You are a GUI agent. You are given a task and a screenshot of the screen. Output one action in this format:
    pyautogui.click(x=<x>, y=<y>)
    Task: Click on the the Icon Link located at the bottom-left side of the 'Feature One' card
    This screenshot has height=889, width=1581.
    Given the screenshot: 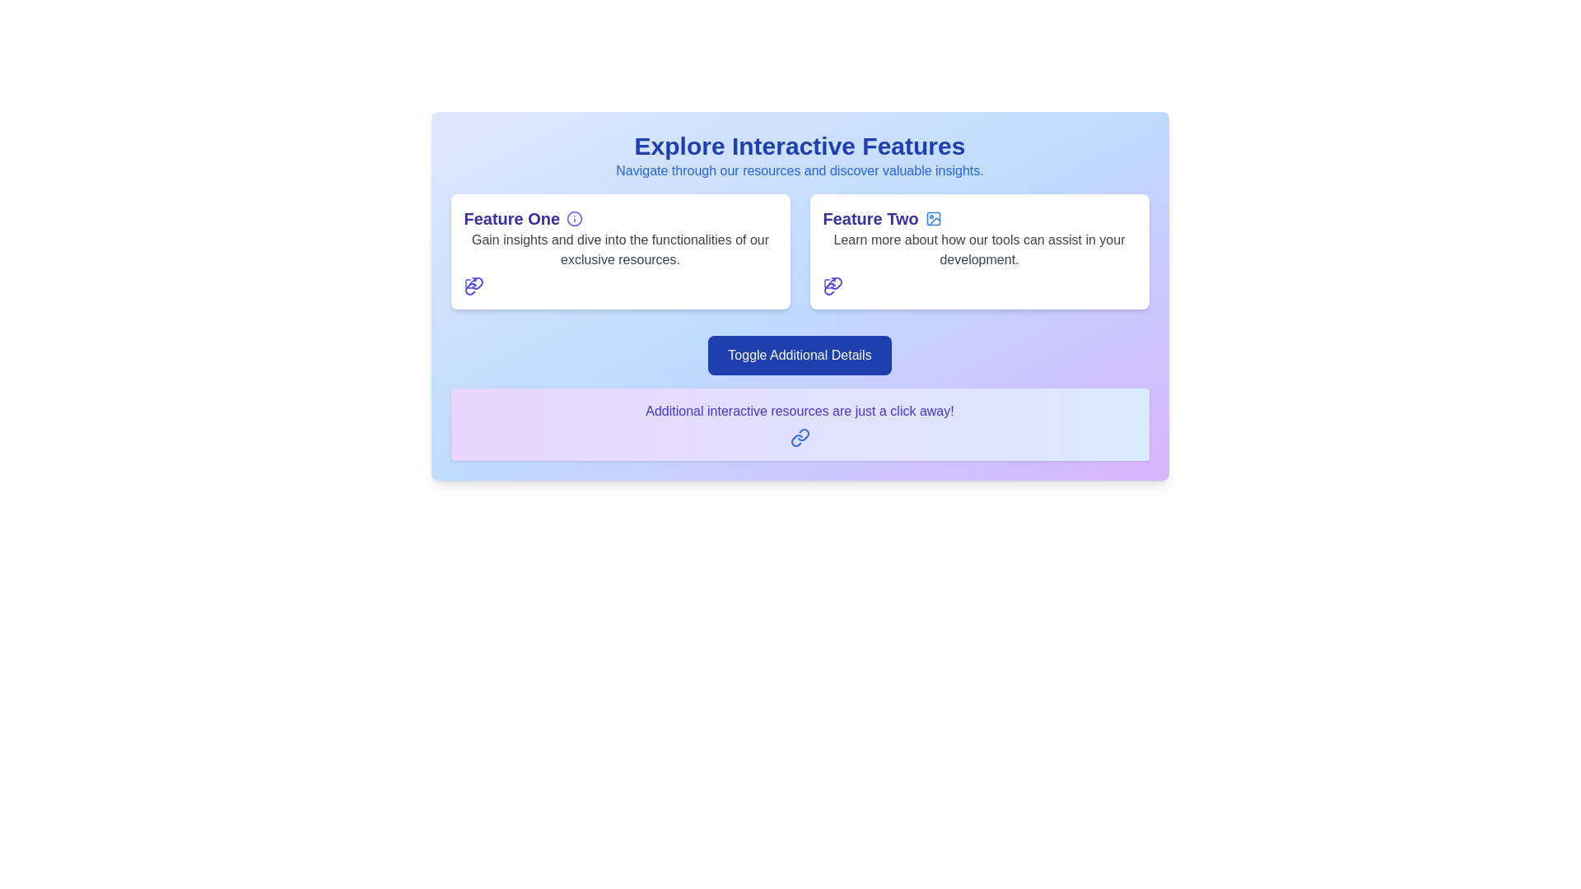 What is the action you would take?
    pyautogui.click(x=473, y=285)
    